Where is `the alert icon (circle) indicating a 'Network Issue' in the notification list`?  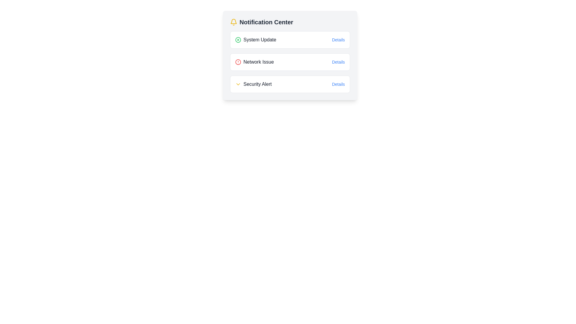
the alert icon (circle) indicating a 'Network Issue' in the notification list is located at coordinates (238, 62).